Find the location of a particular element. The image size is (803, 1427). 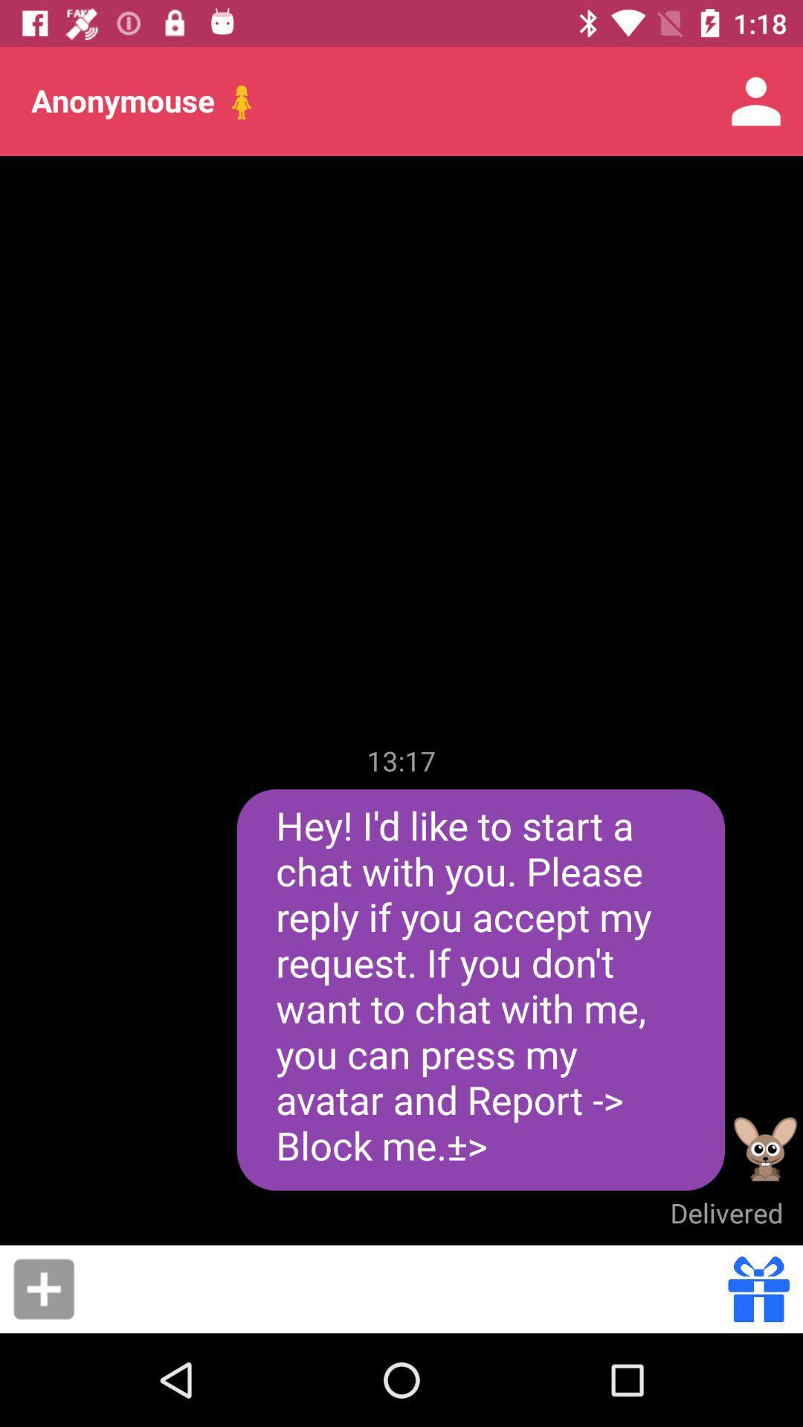

send gift is located at coordinates (758, 1288).